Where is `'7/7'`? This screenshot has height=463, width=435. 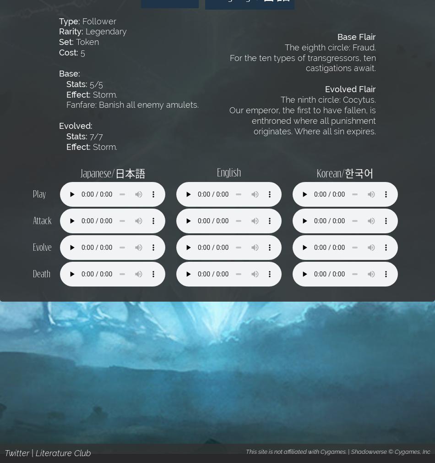
'7/7' is located at coordinates (95, 136).